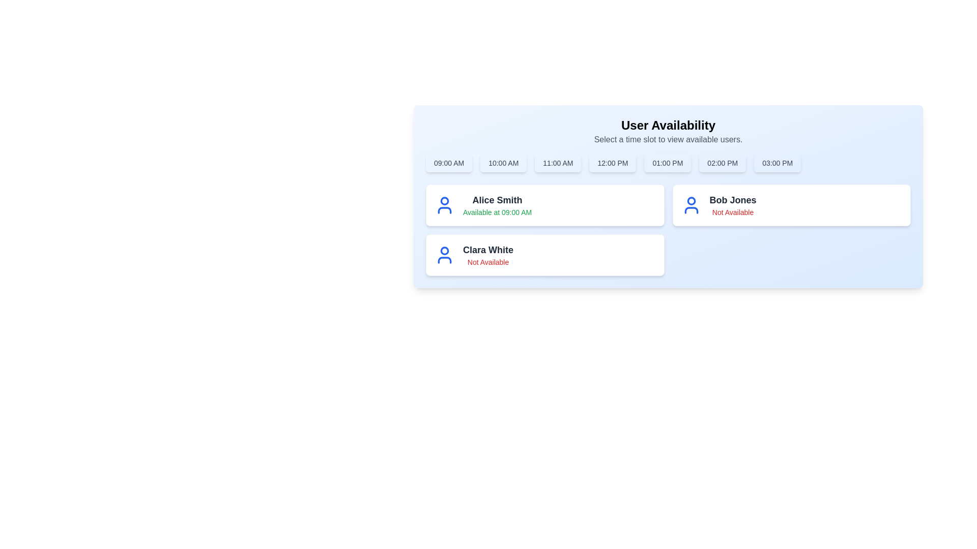 This screenshot has width=977, height=549. Describe the element at coordinates (691, 205) in the screenshot. I see `the blue circular user outline icon located in the top-right card section of Bob Jones' availability interface` at that location.